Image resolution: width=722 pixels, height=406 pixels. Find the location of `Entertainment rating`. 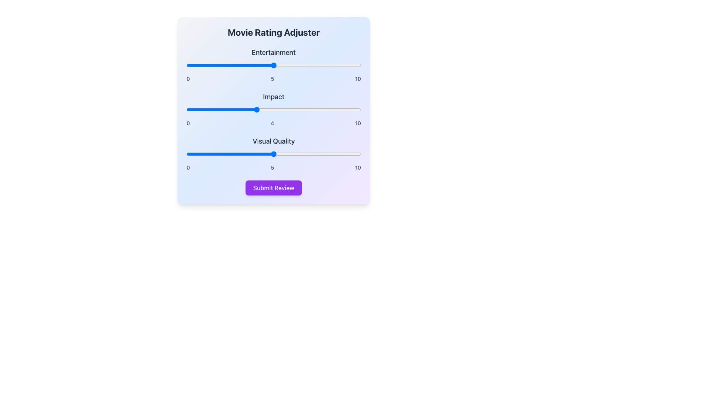

Entertainment rating is located at coordinates (204, 65).